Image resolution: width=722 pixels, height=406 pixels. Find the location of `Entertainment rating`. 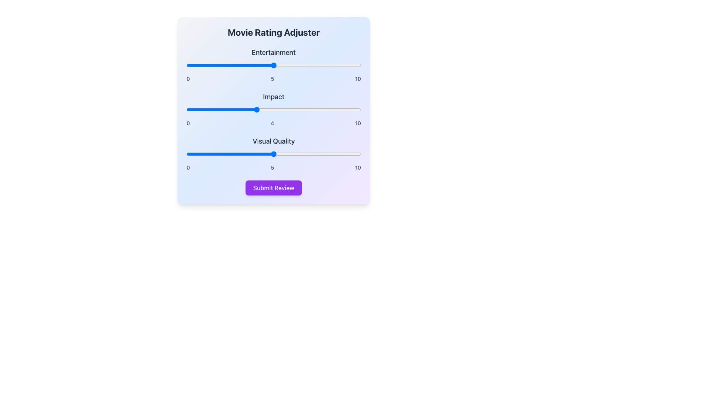

Entertainment rating is located at coordinates (204, 65).